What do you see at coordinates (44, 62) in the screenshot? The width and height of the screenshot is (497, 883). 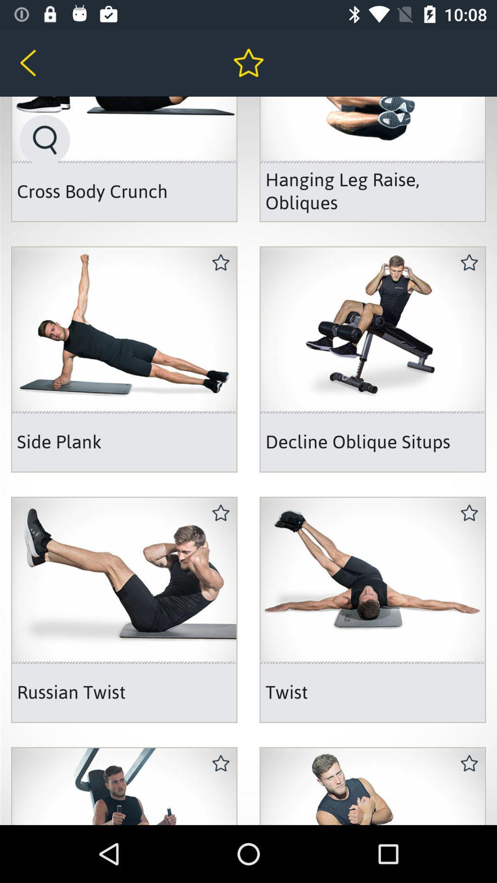 I see `the symbol above search symbol on the top left corner of the page` at bounding box center [44, 62].